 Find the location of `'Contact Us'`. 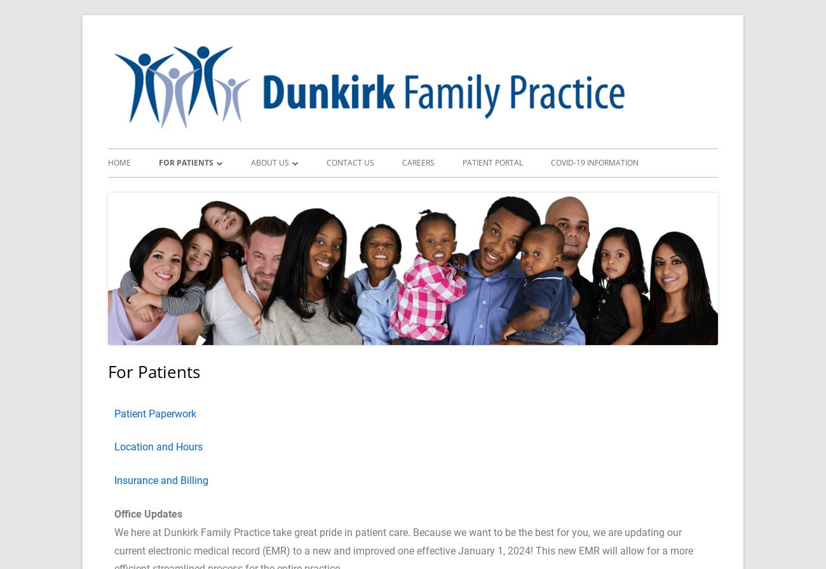

'Contact Us' is located at coordinates (349, 162).